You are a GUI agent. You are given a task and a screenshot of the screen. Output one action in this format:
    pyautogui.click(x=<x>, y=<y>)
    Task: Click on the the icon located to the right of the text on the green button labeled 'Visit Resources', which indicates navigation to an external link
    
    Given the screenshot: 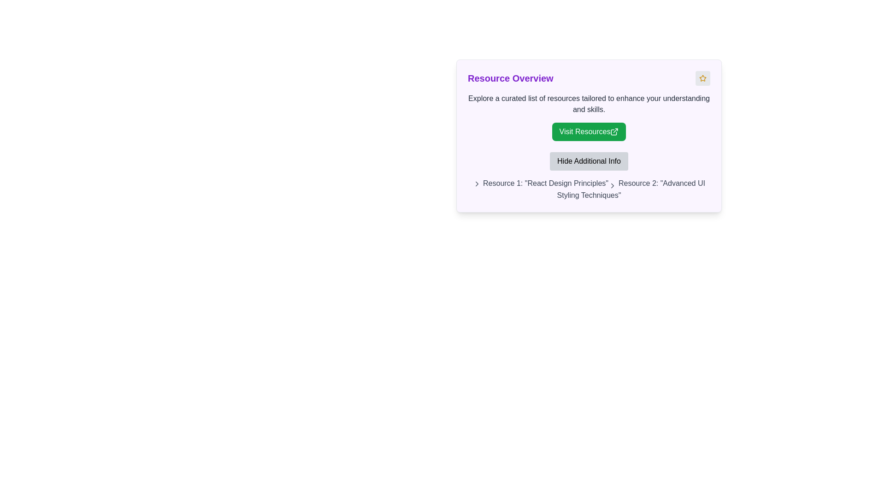 What is the action you would take?
    pyautogui.click(x=614, y=131)
    